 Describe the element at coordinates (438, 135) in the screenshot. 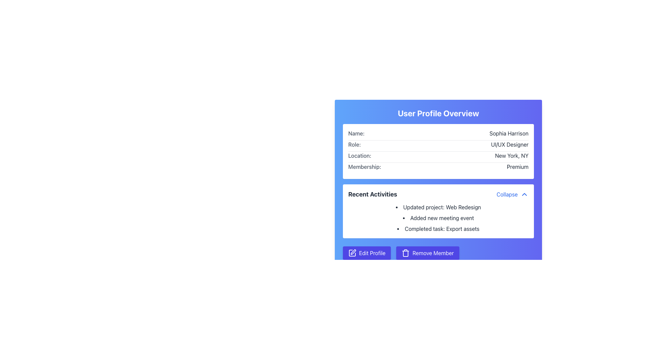

I see `the user's name displayed at the top of the profile information box, which is the first item in the vertical list` at that location.